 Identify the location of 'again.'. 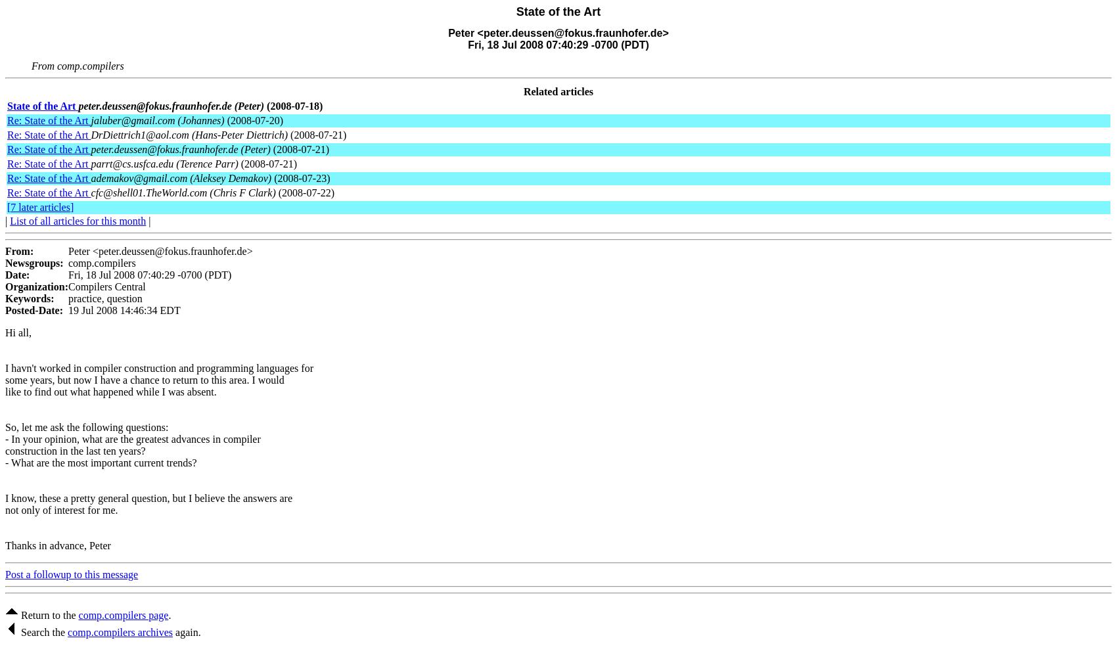
(187, 631).